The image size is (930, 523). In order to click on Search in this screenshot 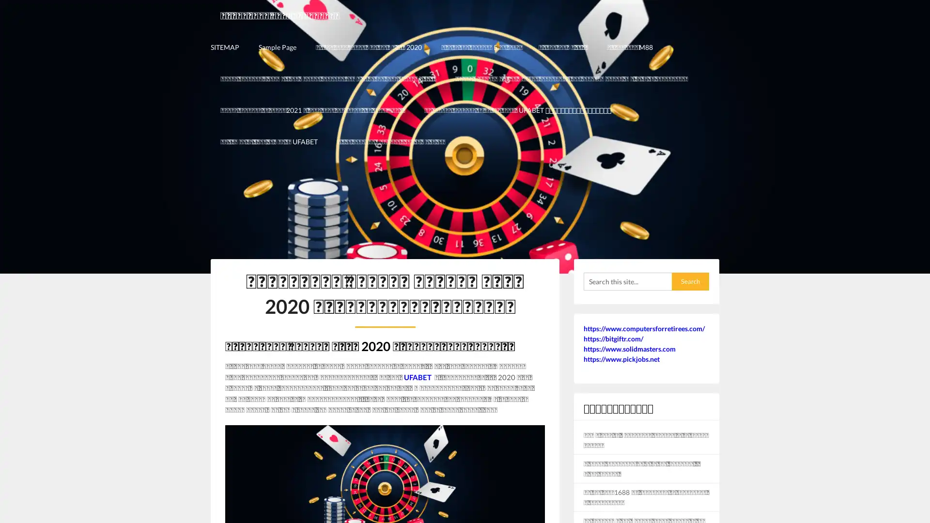, I will do `click(690, 281)`.